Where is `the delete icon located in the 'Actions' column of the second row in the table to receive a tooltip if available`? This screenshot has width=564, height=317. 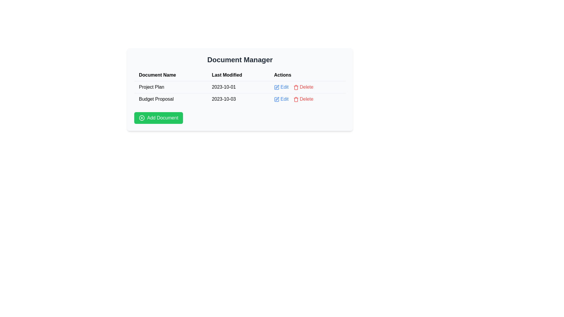 the delete icon located in the 'Actions' column of the second row in the table to receive a tooltip if available is located at coordinates (296, 99).